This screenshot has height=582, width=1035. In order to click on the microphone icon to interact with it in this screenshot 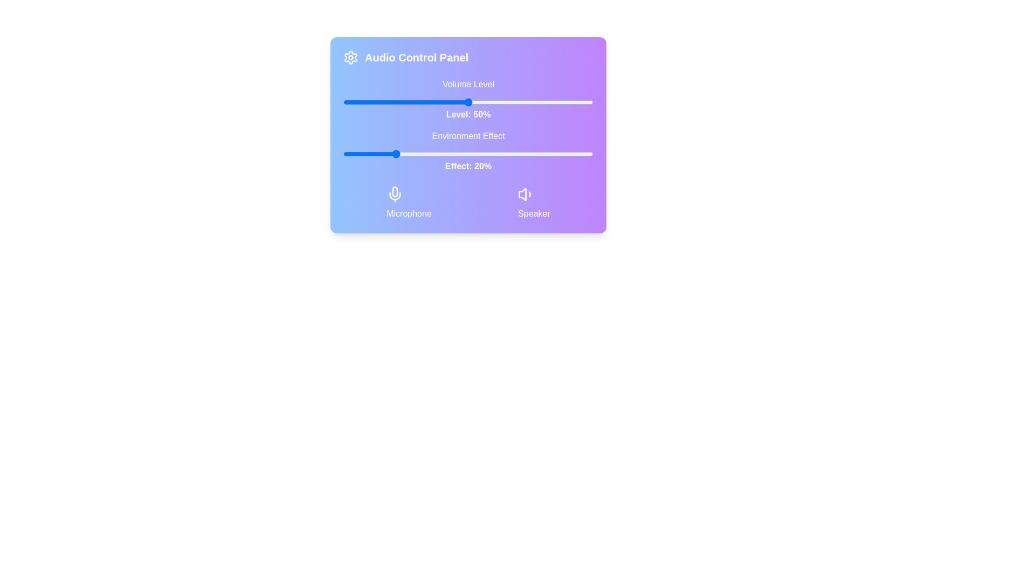, I will do `click(395, 195)`.